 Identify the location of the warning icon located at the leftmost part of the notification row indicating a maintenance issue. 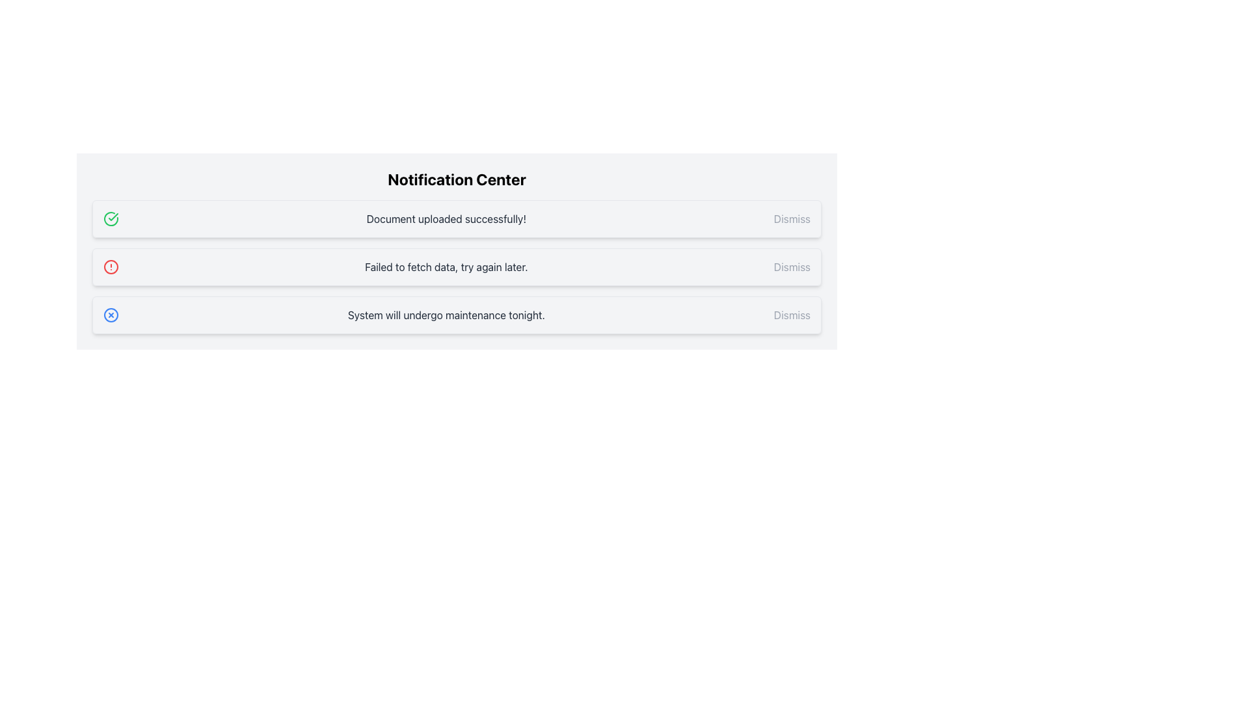
(111, 315).